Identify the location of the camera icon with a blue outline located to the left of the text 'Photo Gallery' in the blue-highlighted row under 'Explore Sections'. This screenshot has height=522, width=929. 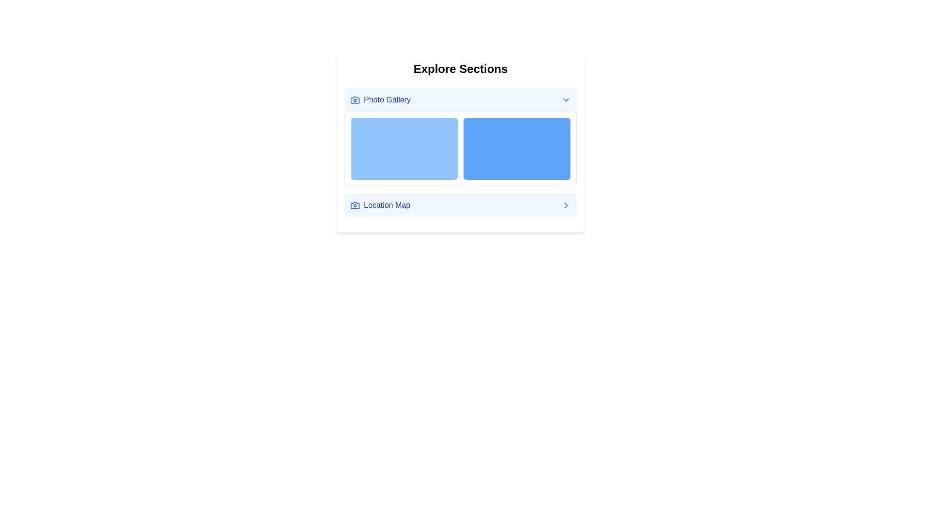
(355, 100).